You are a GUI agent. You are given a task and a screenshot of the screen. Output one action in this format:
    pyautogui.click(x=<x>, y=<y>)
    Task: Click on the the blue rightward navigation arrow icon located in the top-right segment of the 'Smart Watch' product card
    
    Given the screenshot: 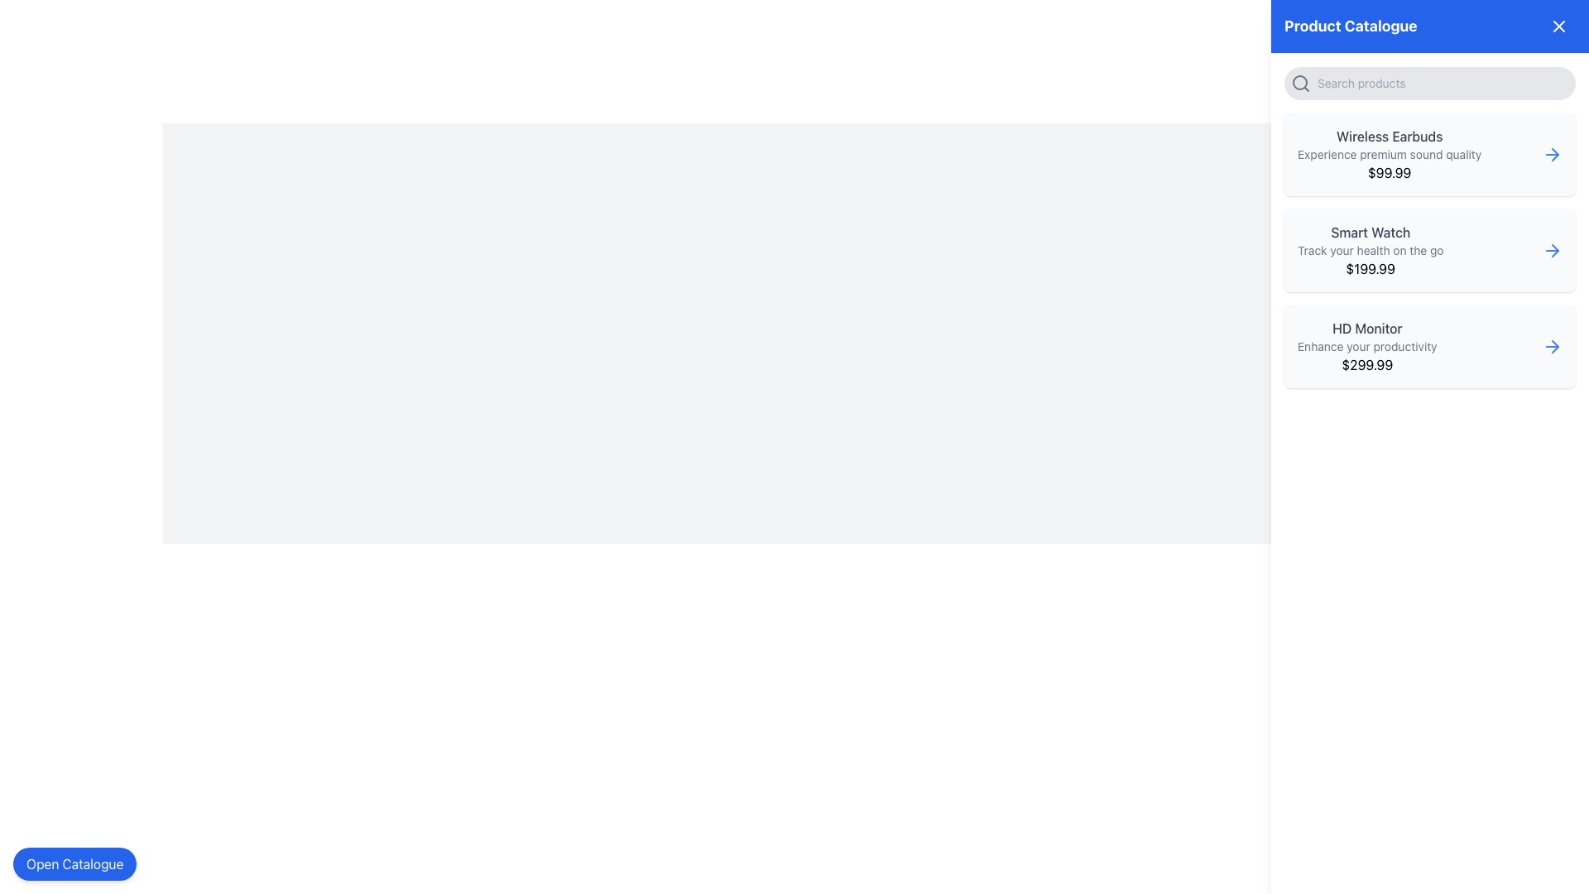 What is the action you would take?
    pyautogui.click(x=1552, y=251)
    